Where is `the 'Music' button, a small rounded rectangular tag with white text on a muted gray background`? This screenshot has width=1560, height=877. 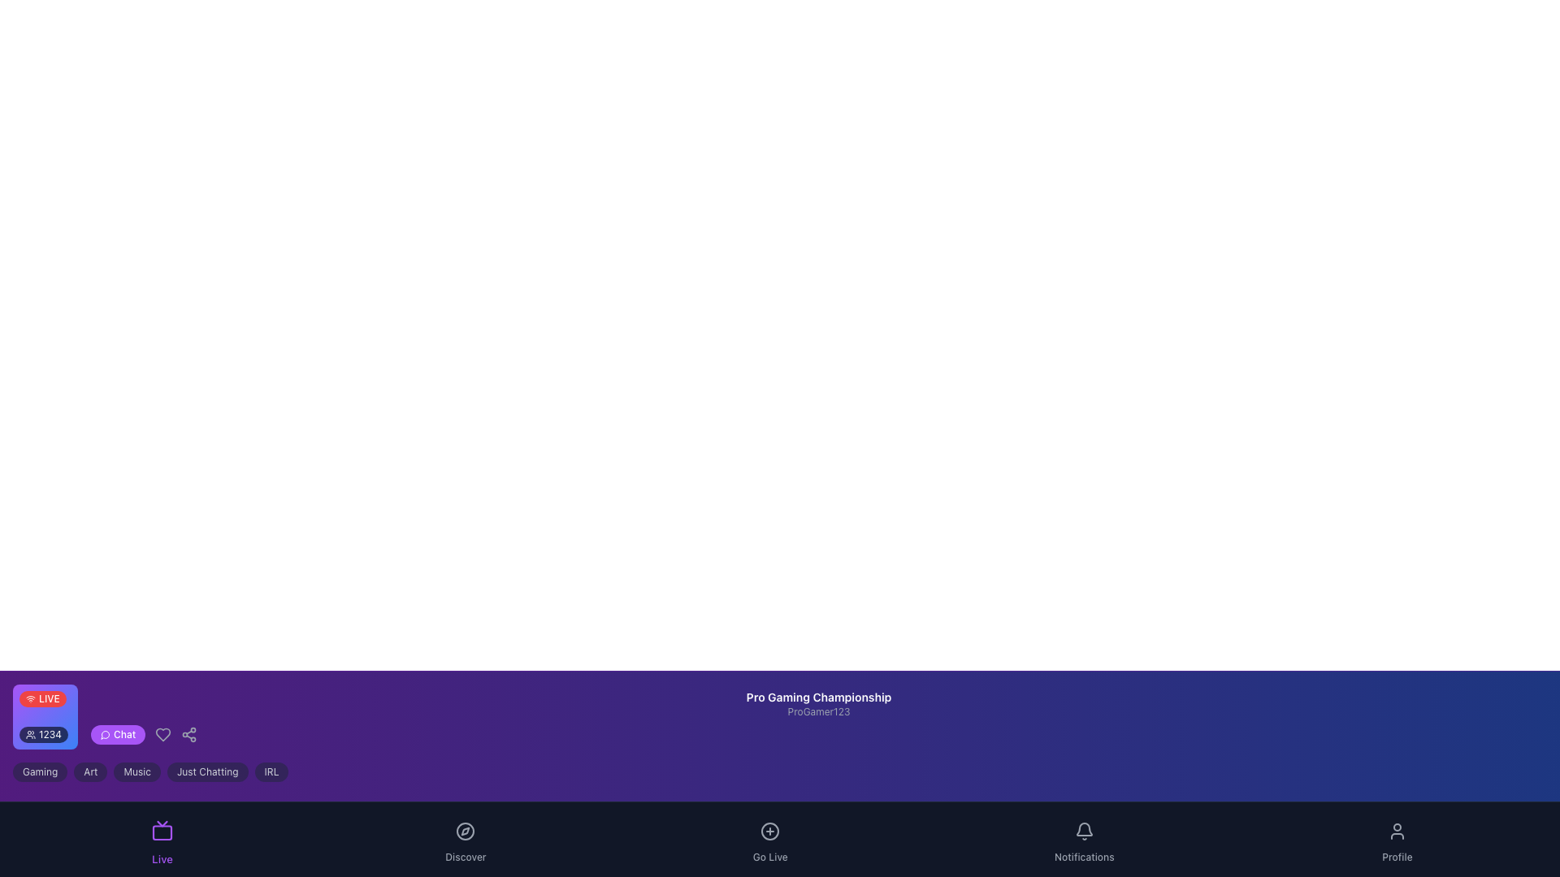
the 'Music' button, a small rounded rectangular tag with white text on a muted gray background is located at coordinates (137, 771).